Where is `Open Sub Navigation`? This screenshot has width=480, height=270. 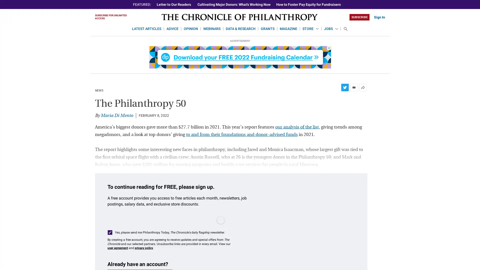 Open Sub Navigation is located at coordinates (317, 29).